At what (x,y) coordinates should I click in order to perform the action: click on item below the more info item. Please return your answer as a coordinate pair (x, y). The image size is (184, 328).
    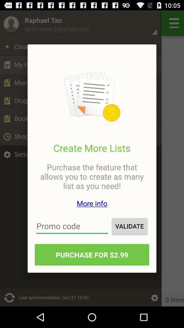
    Looking at the image, I should click on (72, 226).